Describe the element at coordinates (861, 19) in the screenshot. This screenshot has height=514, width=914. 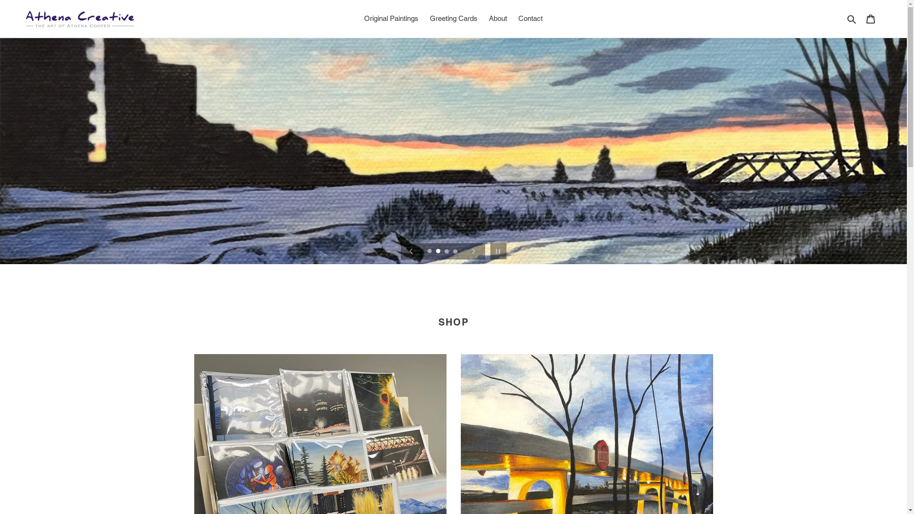
I see `'Cart'` at that location.